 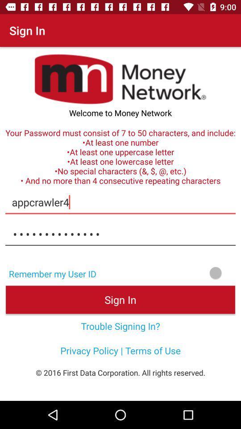 What do you see at coordinates (171, 272) in the screenshot?
I see `turn remember my user id on` at bounding box center [171, 272].